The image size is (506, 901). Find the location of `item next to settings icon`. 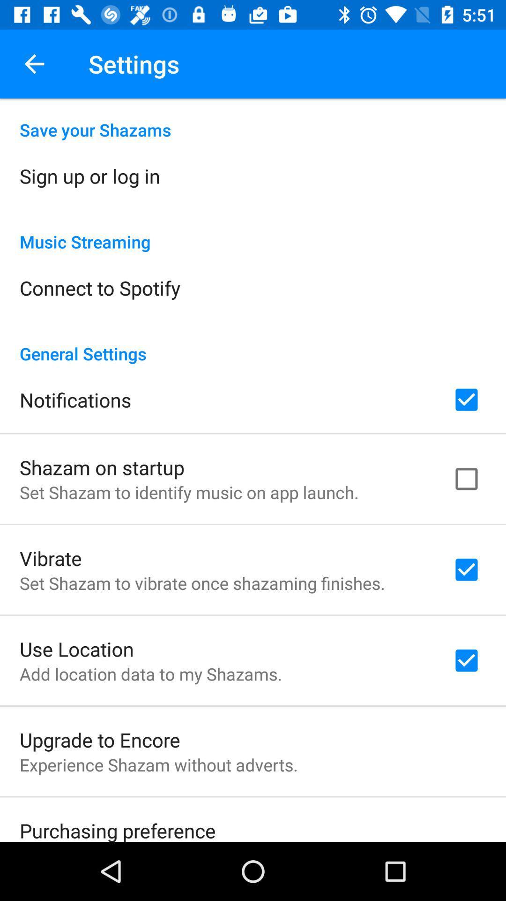

item next to settings icon is located at coordinates (34, 63).